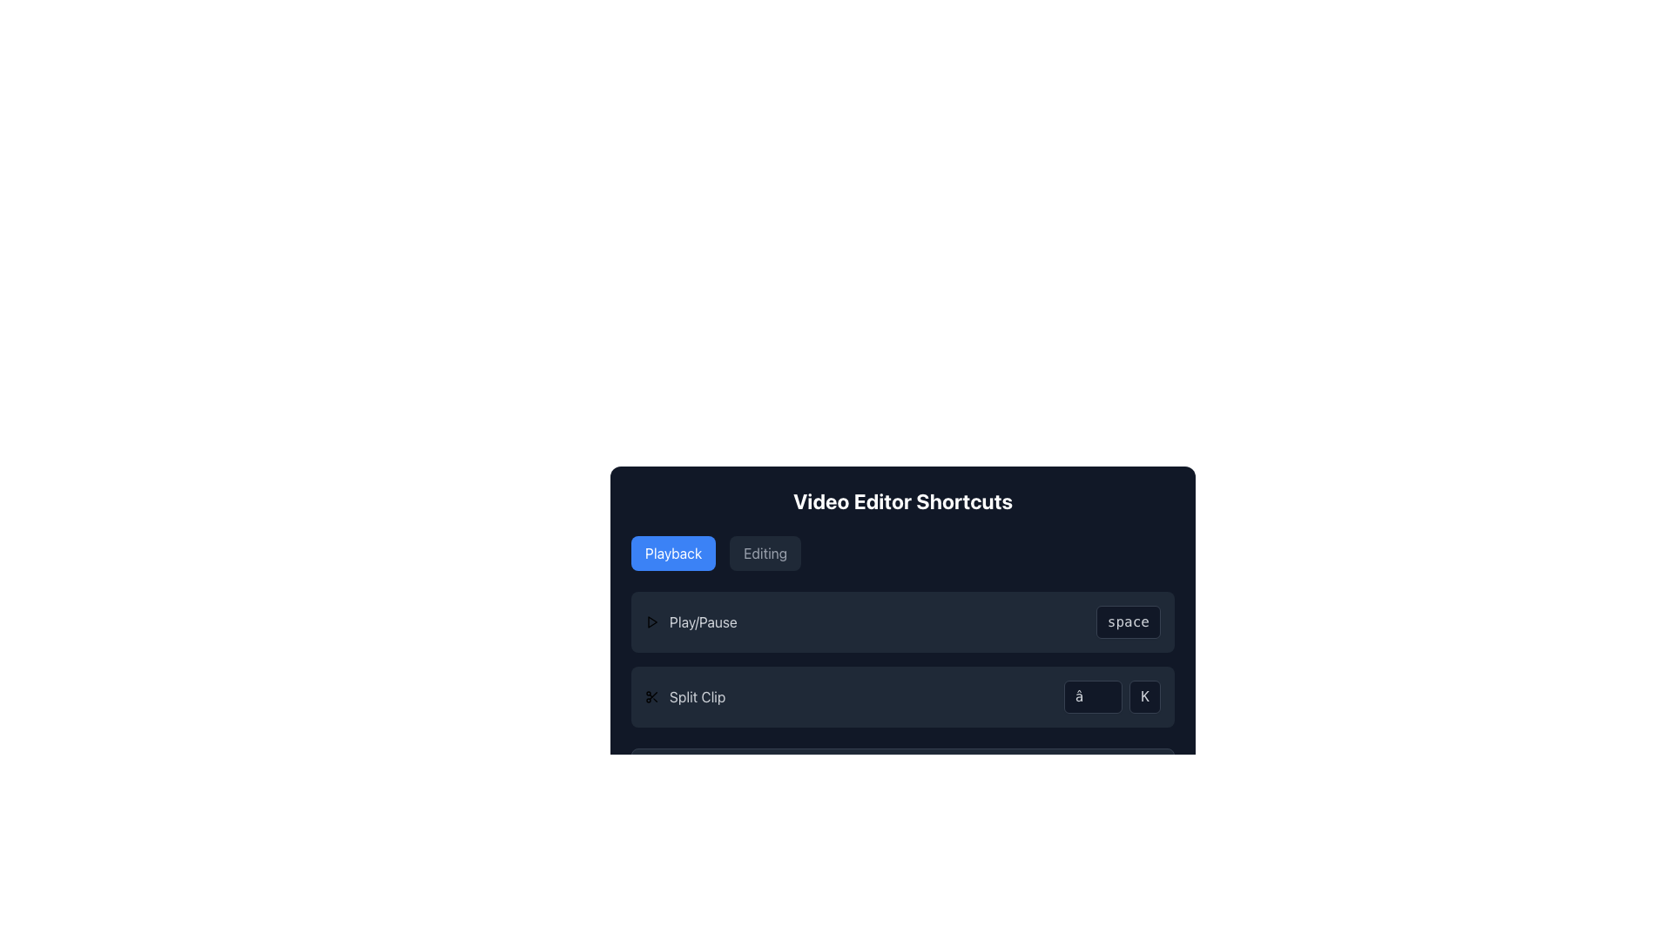  Describe the element at coordinates (902, 660) in the screenshot. I see `the displayed shortcuts in the 'Video Editor Shortcuts' section, specifically the shortcuts for 'Play/Pause' and 'Split Clip'` at that location.